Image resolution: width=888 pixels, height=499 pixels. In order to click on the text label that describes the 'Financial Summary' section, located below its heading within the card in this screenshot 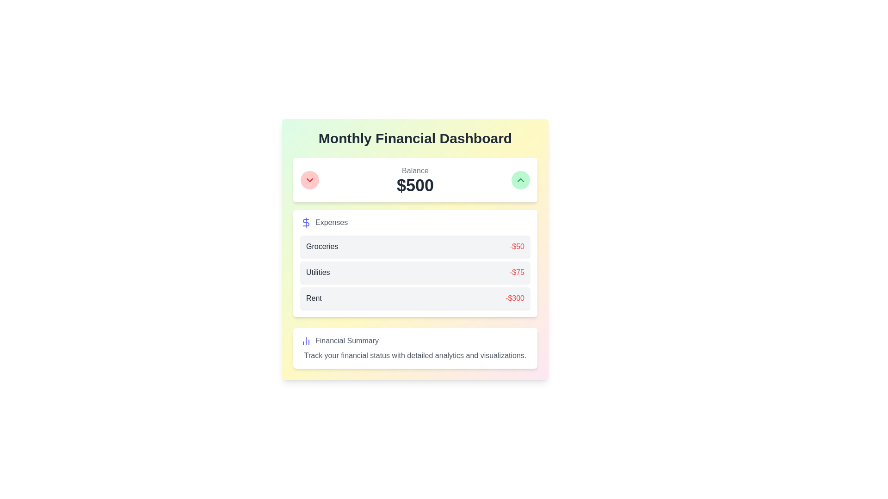, I will do `click(414, 355)`.